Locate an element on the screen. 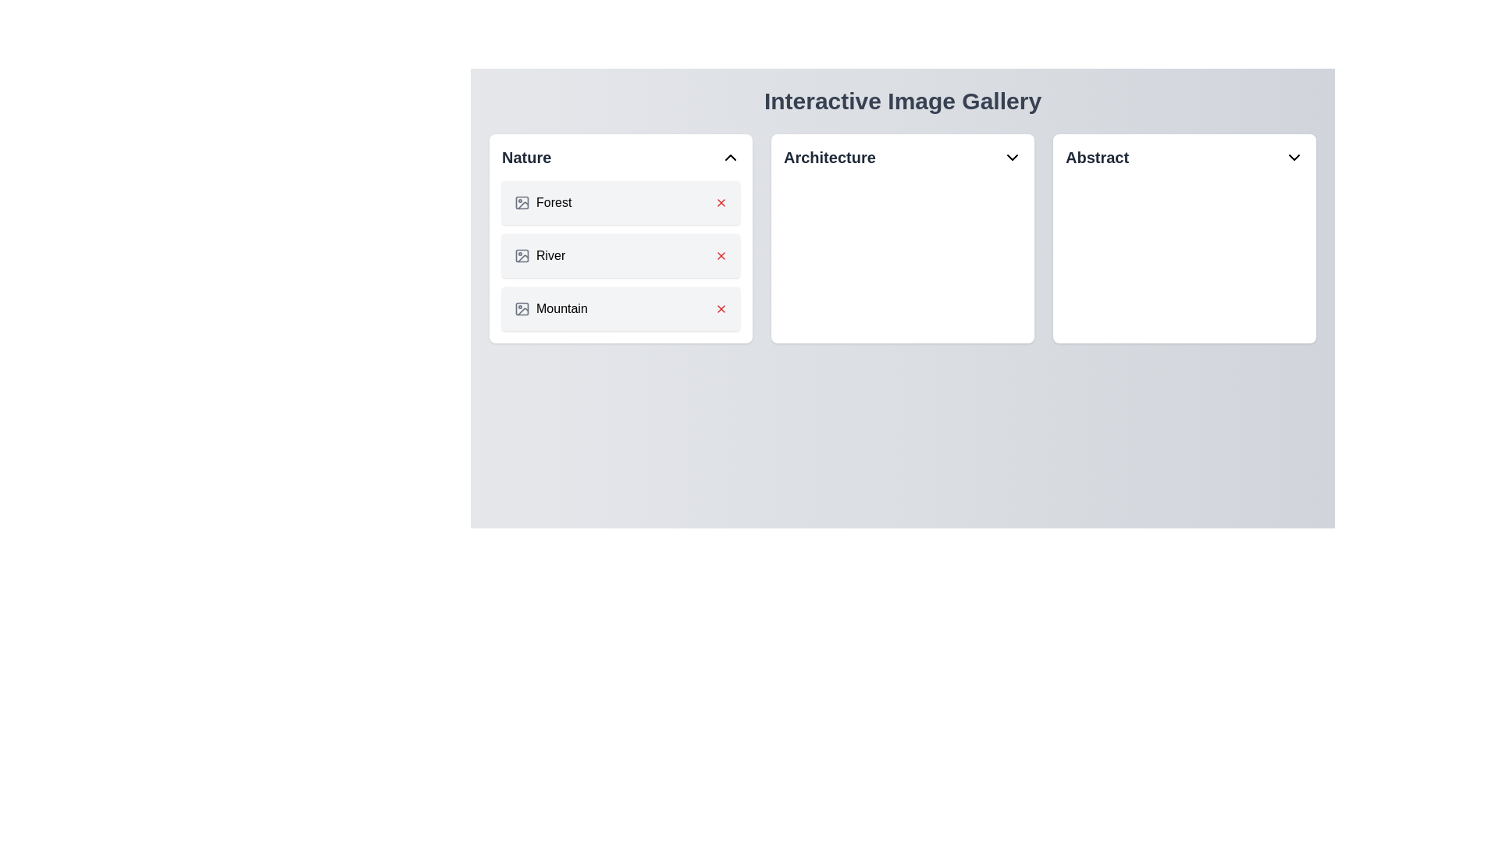 The height and width of the screenshot is (843, 1499). the static text element that categorizes the content section at the top-center of the 'Interactive Image Gallery' interface is located at coordinates (828, 157).